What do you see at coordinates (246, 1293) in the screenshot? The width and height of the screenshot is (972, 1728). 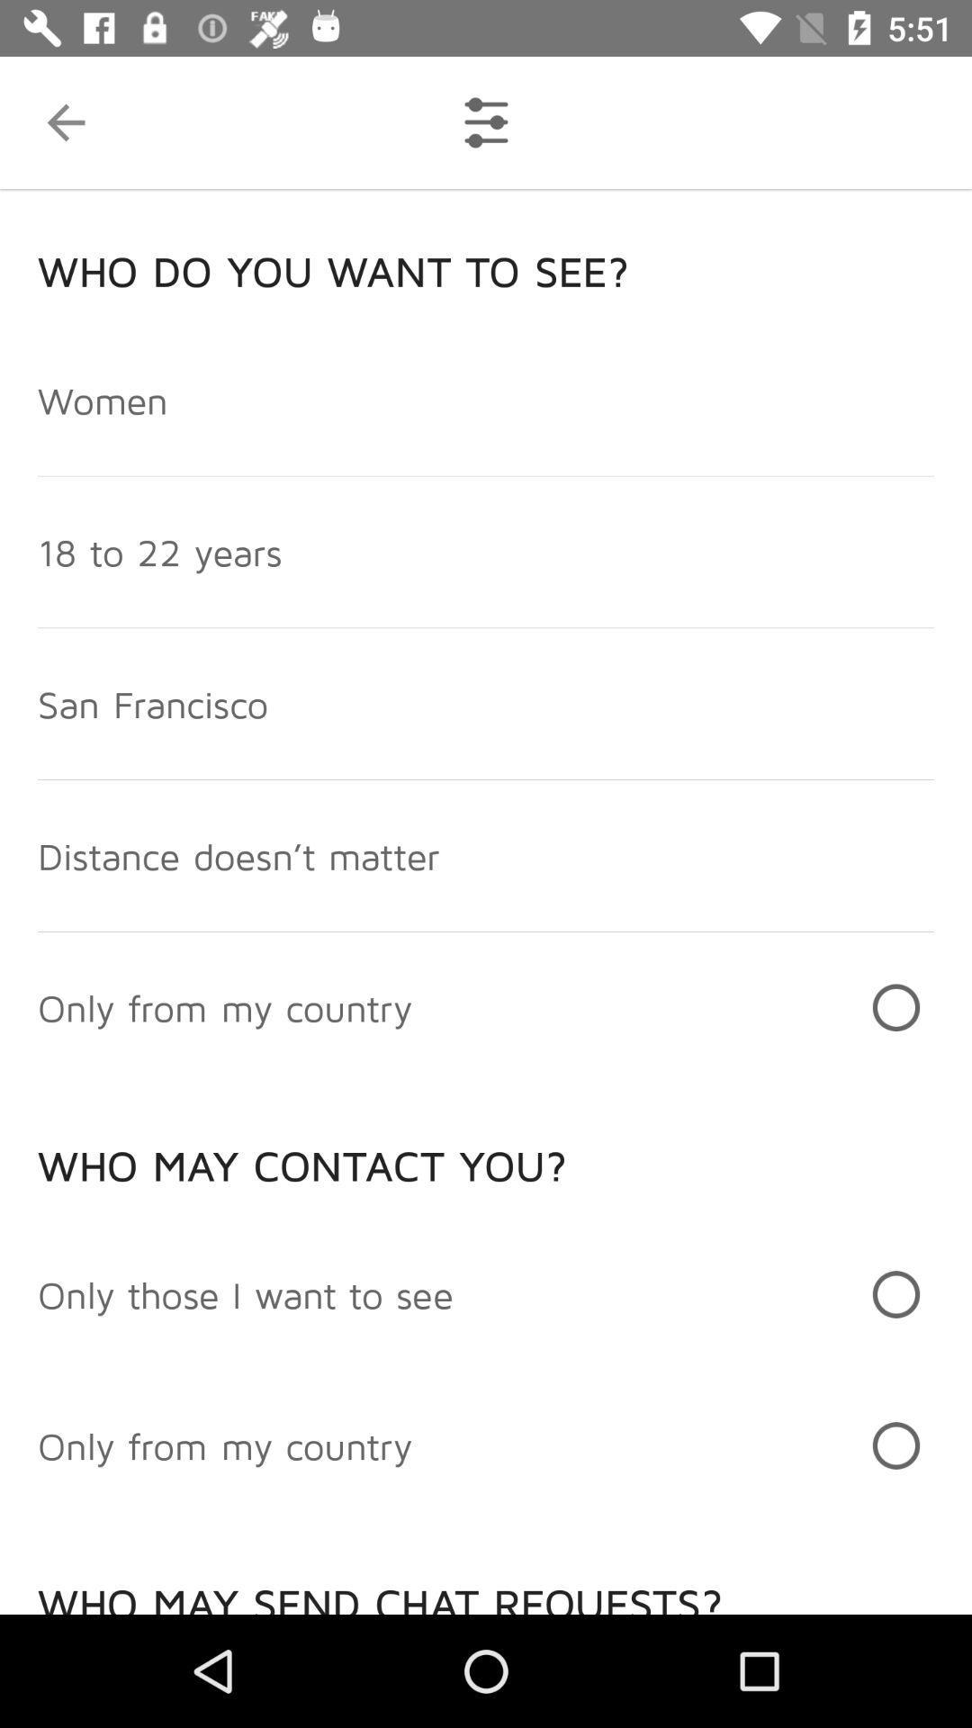 I see `only those i` at bounding box center [246, 1293].